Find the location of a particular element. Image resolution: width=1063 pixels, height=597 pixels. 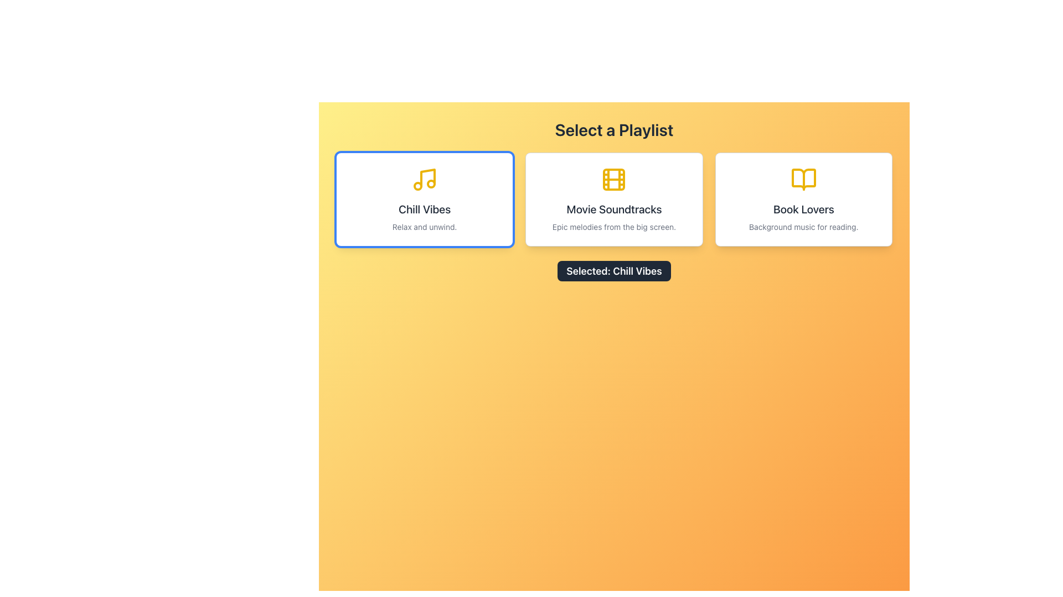

the music note icon of the Chill Vibes playlist, which is the first item to the left among the three playlist options in the center of the interface is located at coordinates (427, 177).